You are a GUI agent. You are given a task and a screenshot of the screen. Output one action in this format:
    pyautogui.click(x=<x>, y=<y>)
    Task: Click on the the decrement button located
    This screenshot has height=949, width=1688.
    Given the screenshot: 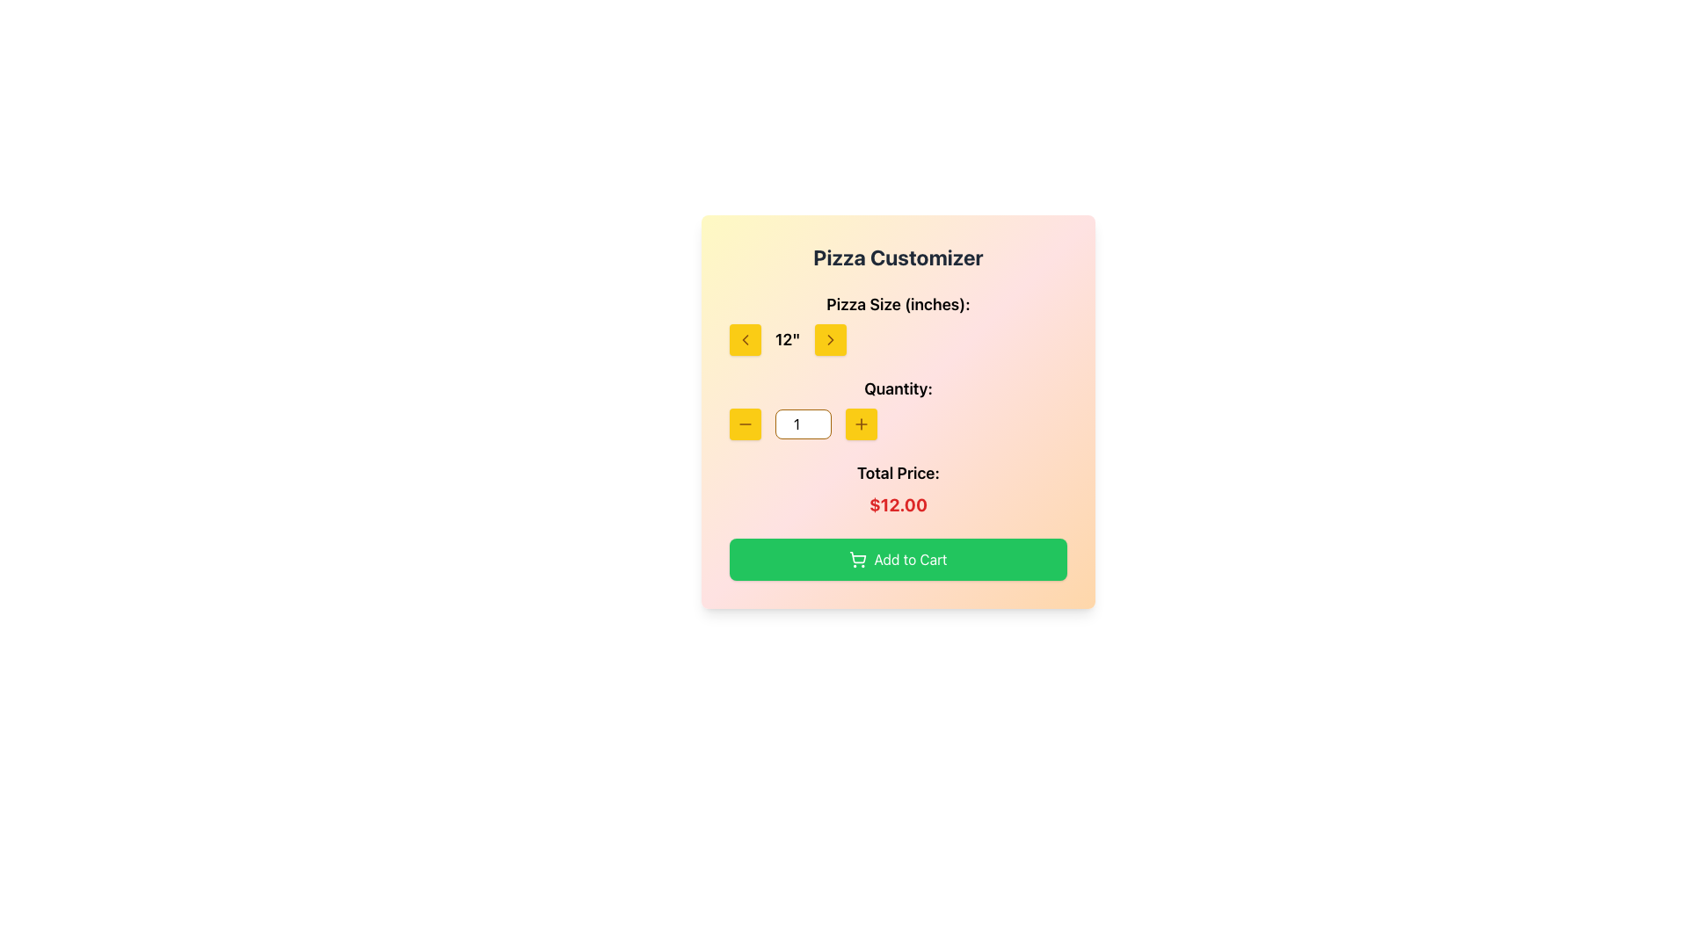 What is the action you would take?
    pyautogui.click(x=746, y=339)
    